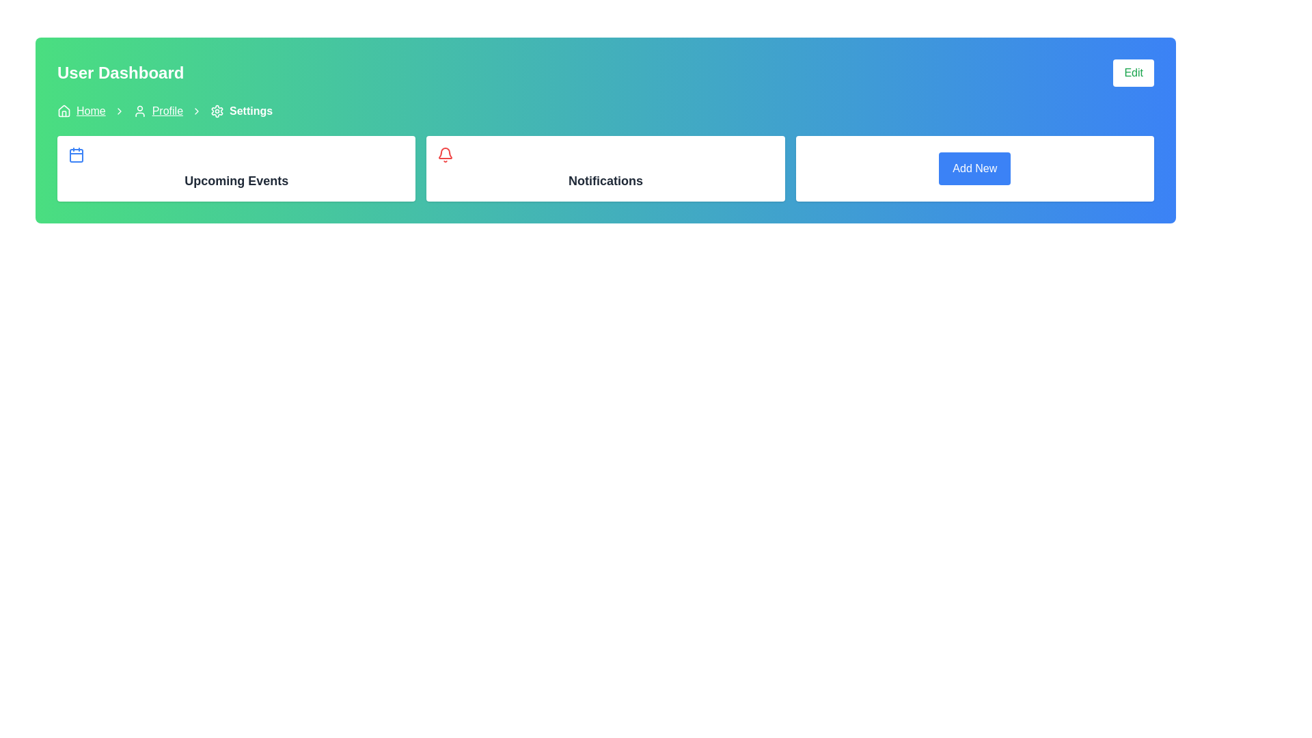 Image resolution: width=1312 pixels, height=738 pixels. What do you see at coordinates (196, 110) in the screenshot?
I see `the second chevron-shaped icon in the breadcrumb navigation, positioned between 'Profile' and 'Settings'` at bounding box center [196, 110].